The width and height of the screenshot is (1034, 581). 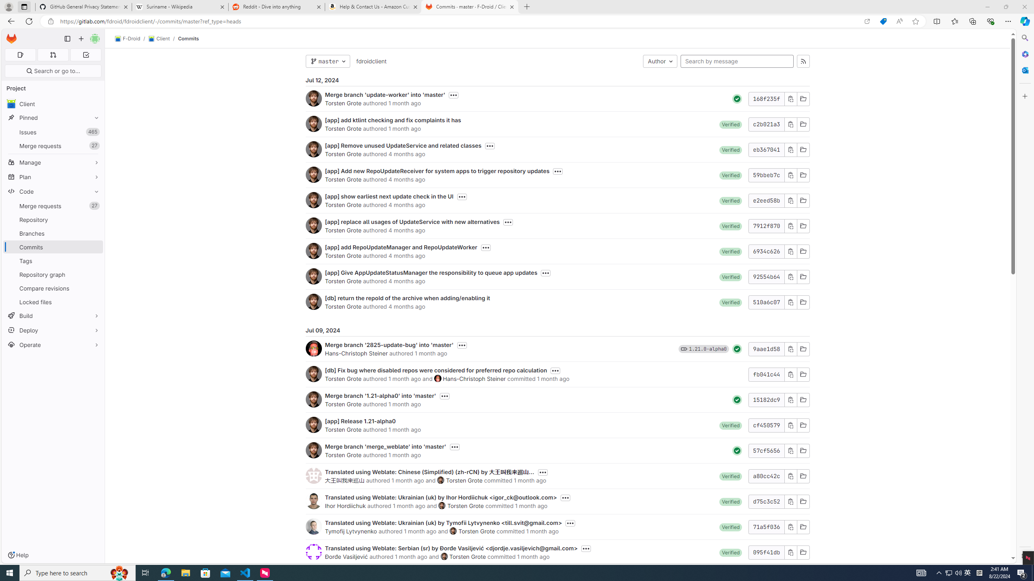 I want to click on 'Manage', so click(x=53, y=162).